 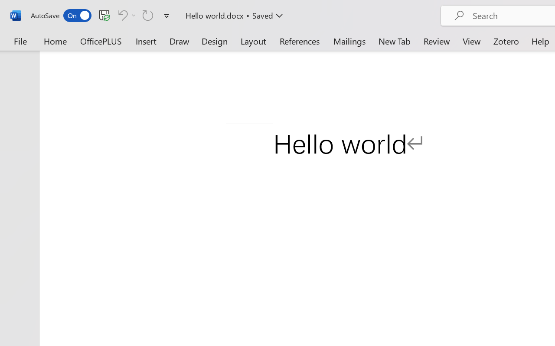 What do you see at coordinates (394, 41) in the screenshot?
I see `'New Tab'` at bounding box center [394, 41].